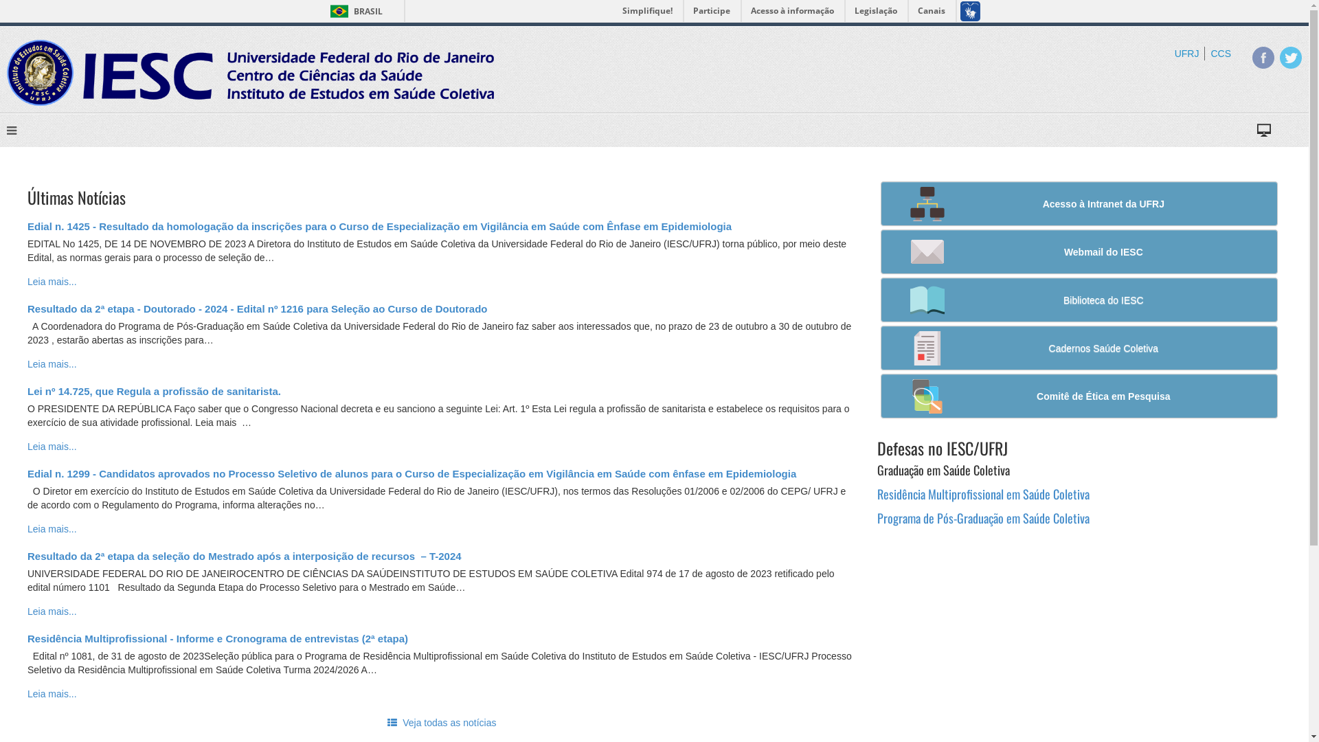 The image size is (1319, 742). Describe the element at coordinates (52, 611) in the screenshot. I see `'Leia mais...'` at that location.